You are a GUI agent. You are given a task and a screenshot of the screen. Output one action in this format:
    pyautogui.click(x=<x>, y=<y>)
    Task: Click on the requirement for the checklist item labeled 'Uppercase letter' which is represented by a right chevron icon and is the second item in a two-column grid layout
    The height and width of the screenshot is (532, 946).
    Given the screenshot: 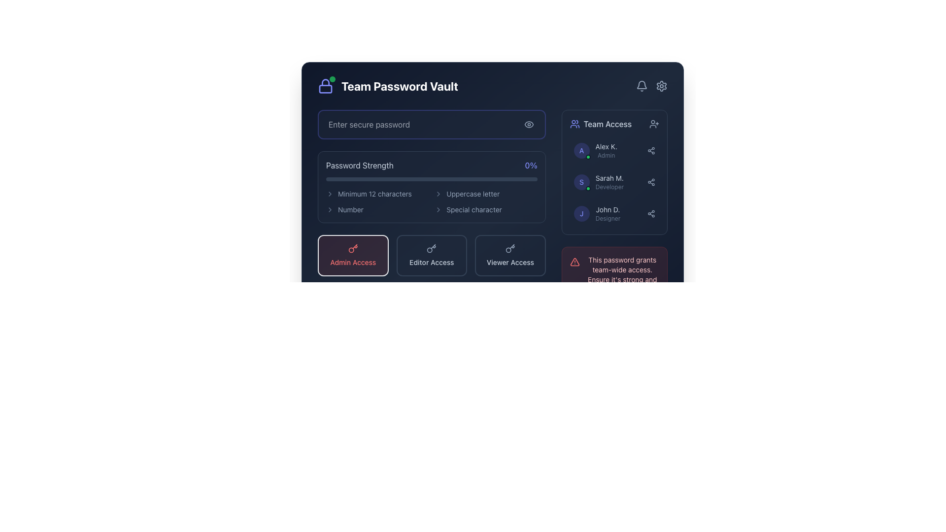 What is the action you would take?
    pyautogui.click(x=486, y=194)
    